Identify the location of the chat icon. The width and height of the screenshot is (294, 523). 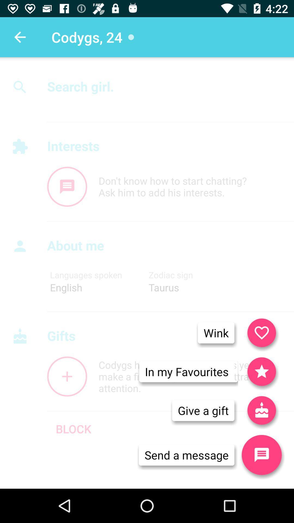
(67, 187).